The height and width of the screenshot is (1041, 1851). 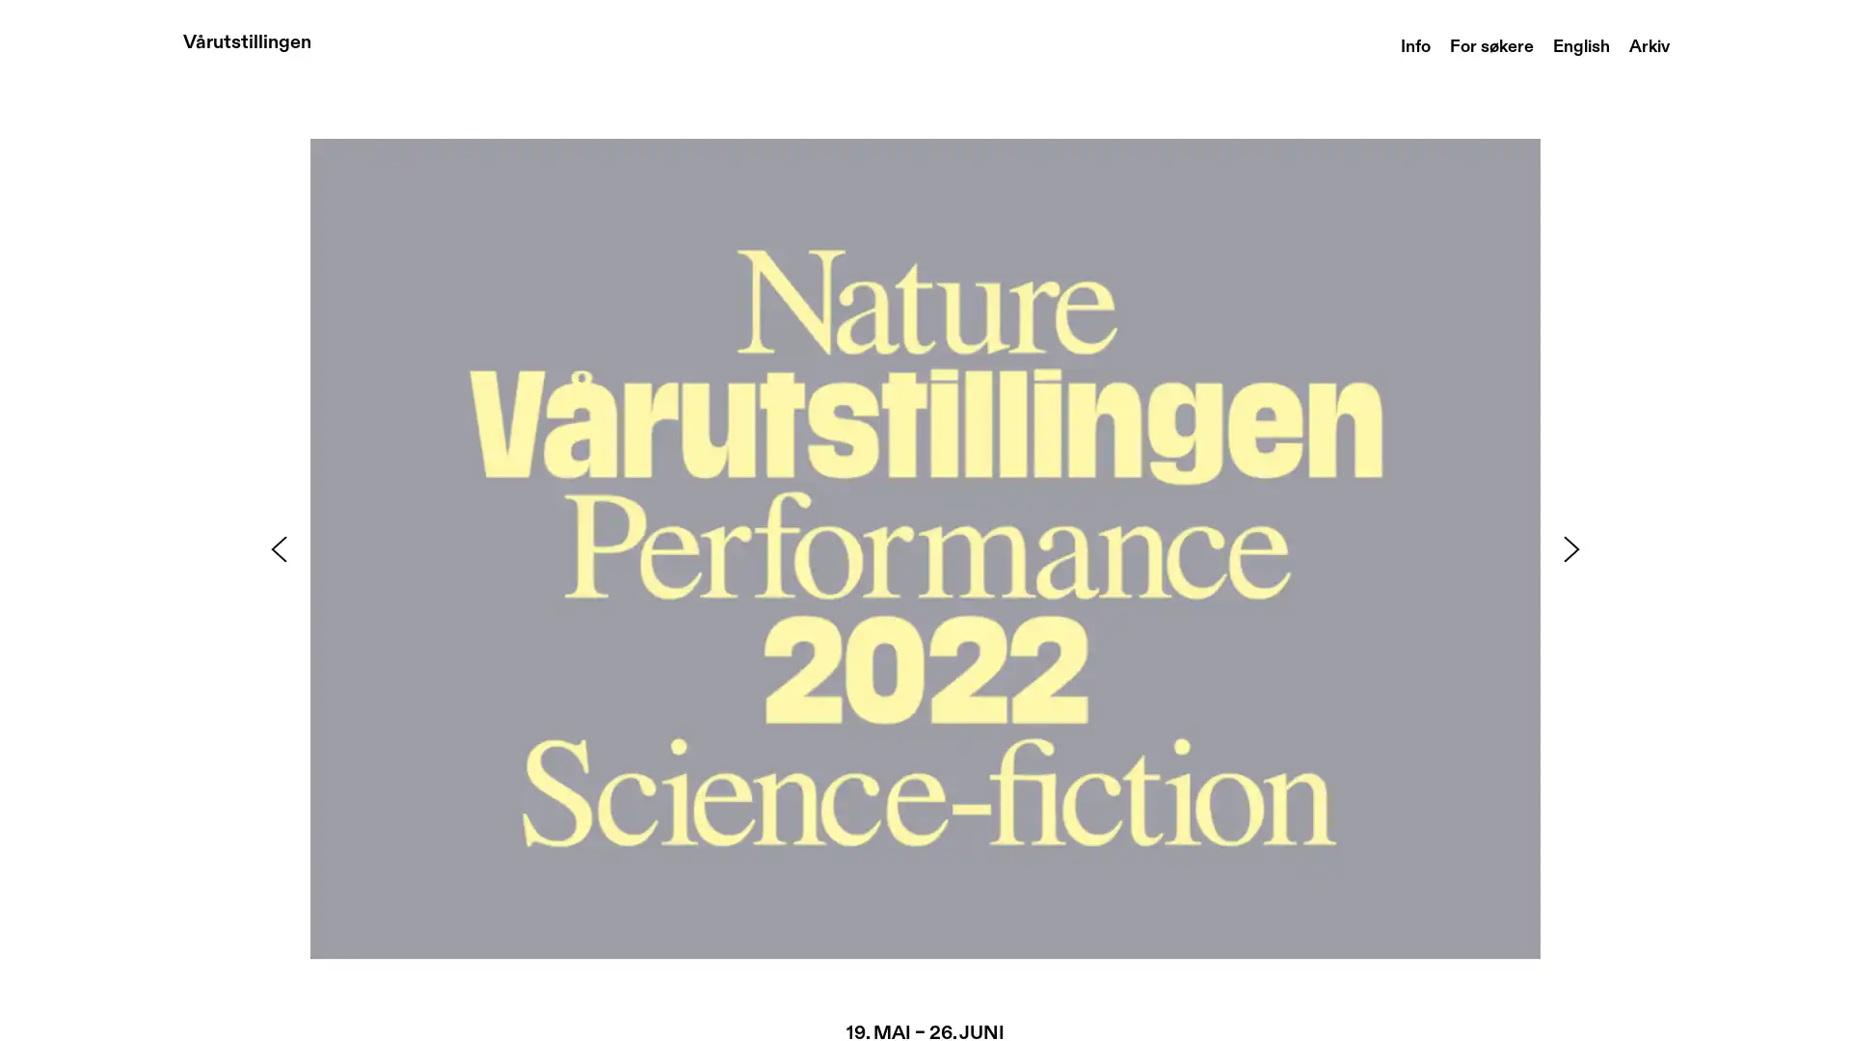 What do you see at coordinates (277, 548) in the screenshot?
I see `Previous slide` at bounding box center [277, 548].